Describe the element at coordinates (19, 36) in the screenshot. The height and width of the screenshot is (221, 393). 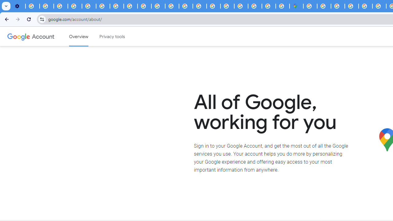
I see `'Google logo'` at that location.